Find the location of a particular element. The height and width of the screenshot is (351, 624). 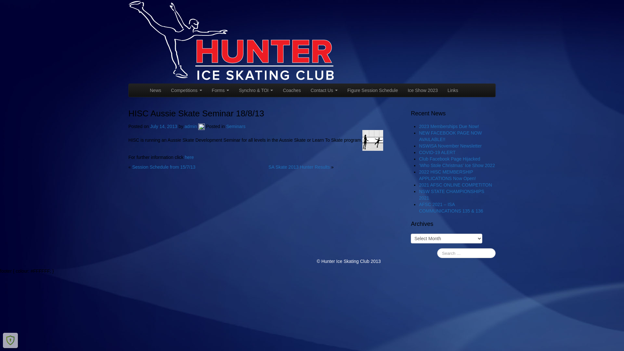

'2021 AFSC ONLINE COMPETITON' is located at coordinates (455, 185).